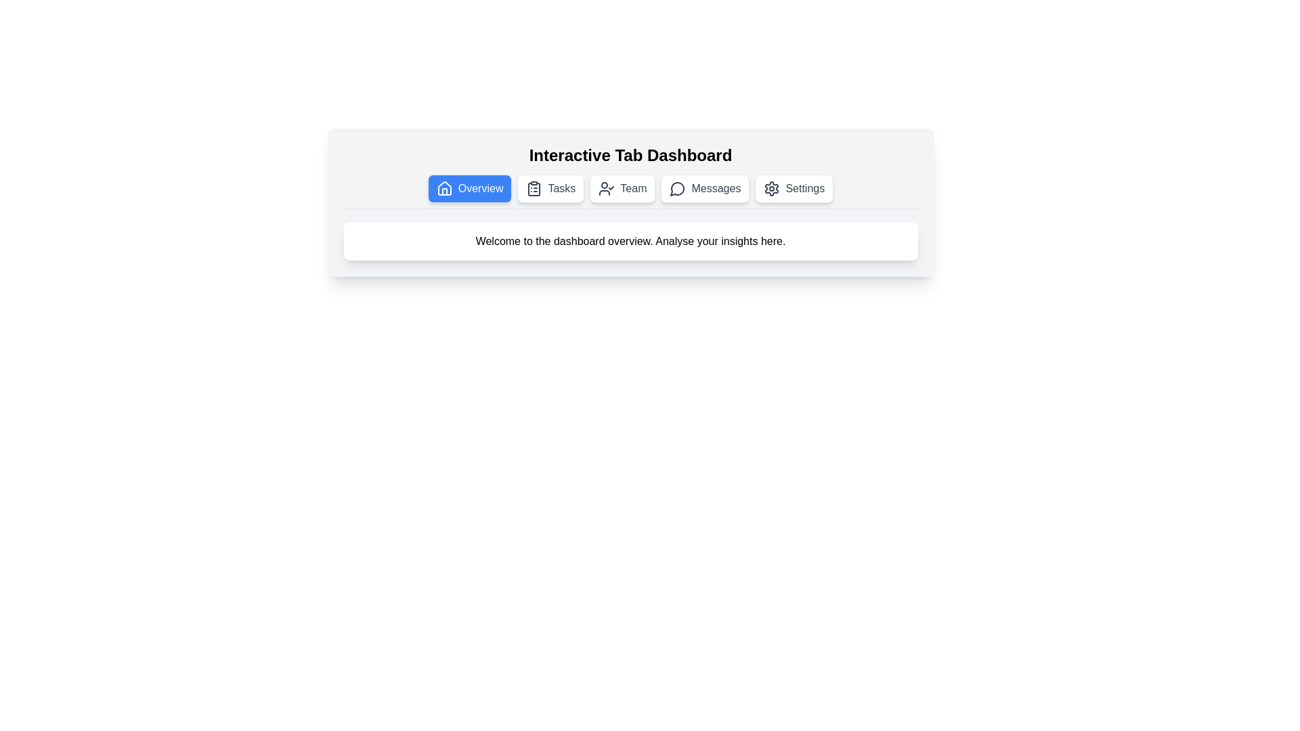 The image size is (1300, 731). What do you see at coordinates (630, 192) in the screenshot?
I see `the navigation bar containing buttons including 'Overview', 'Tasks', 'Team', 'Messages', and 'Settings' to observe visual feedback` at bounding box center [630, 192].